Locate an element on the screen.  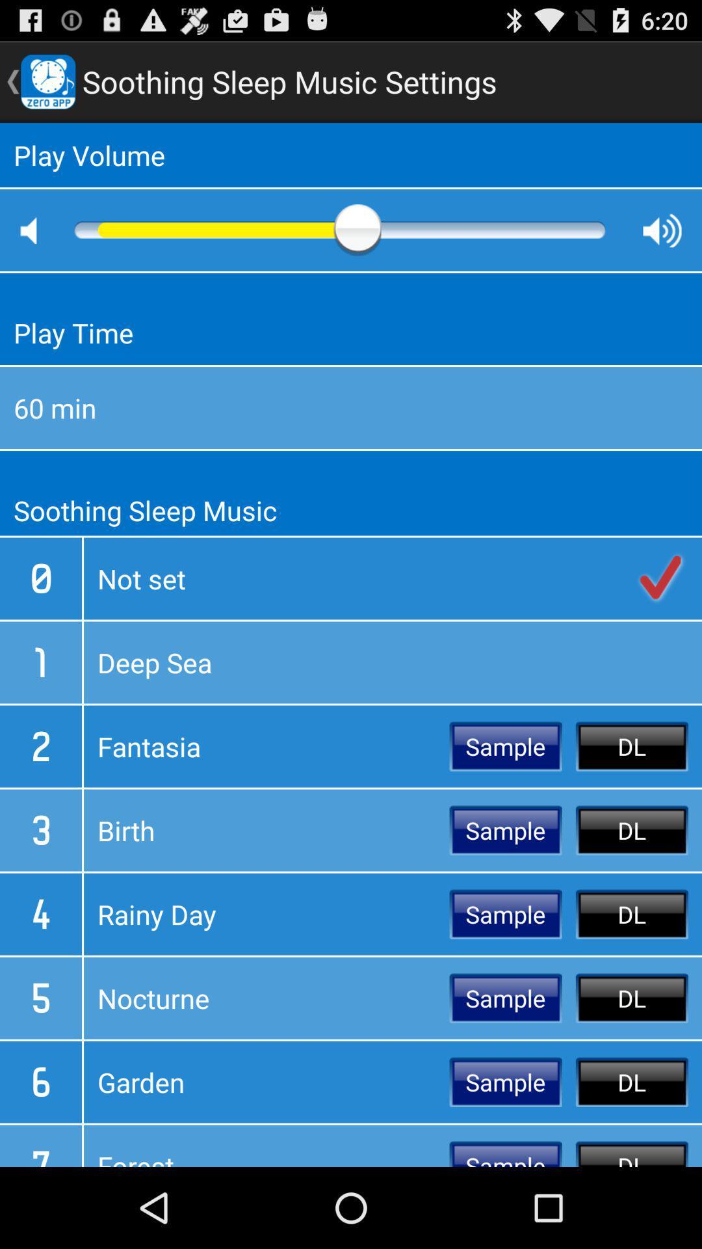
the nocturne is located at coordinates (266, 997).